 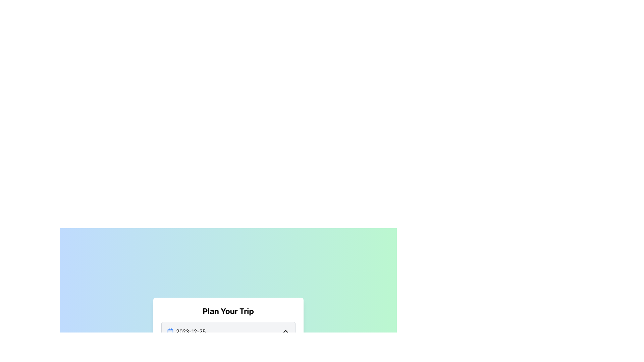 What do you see at coordinates (170, 331) in the screenshot?
I see `the calendar icon located to the left of the date text '2023-12-25' to associate it with its context` at bounding box center [170, 331].